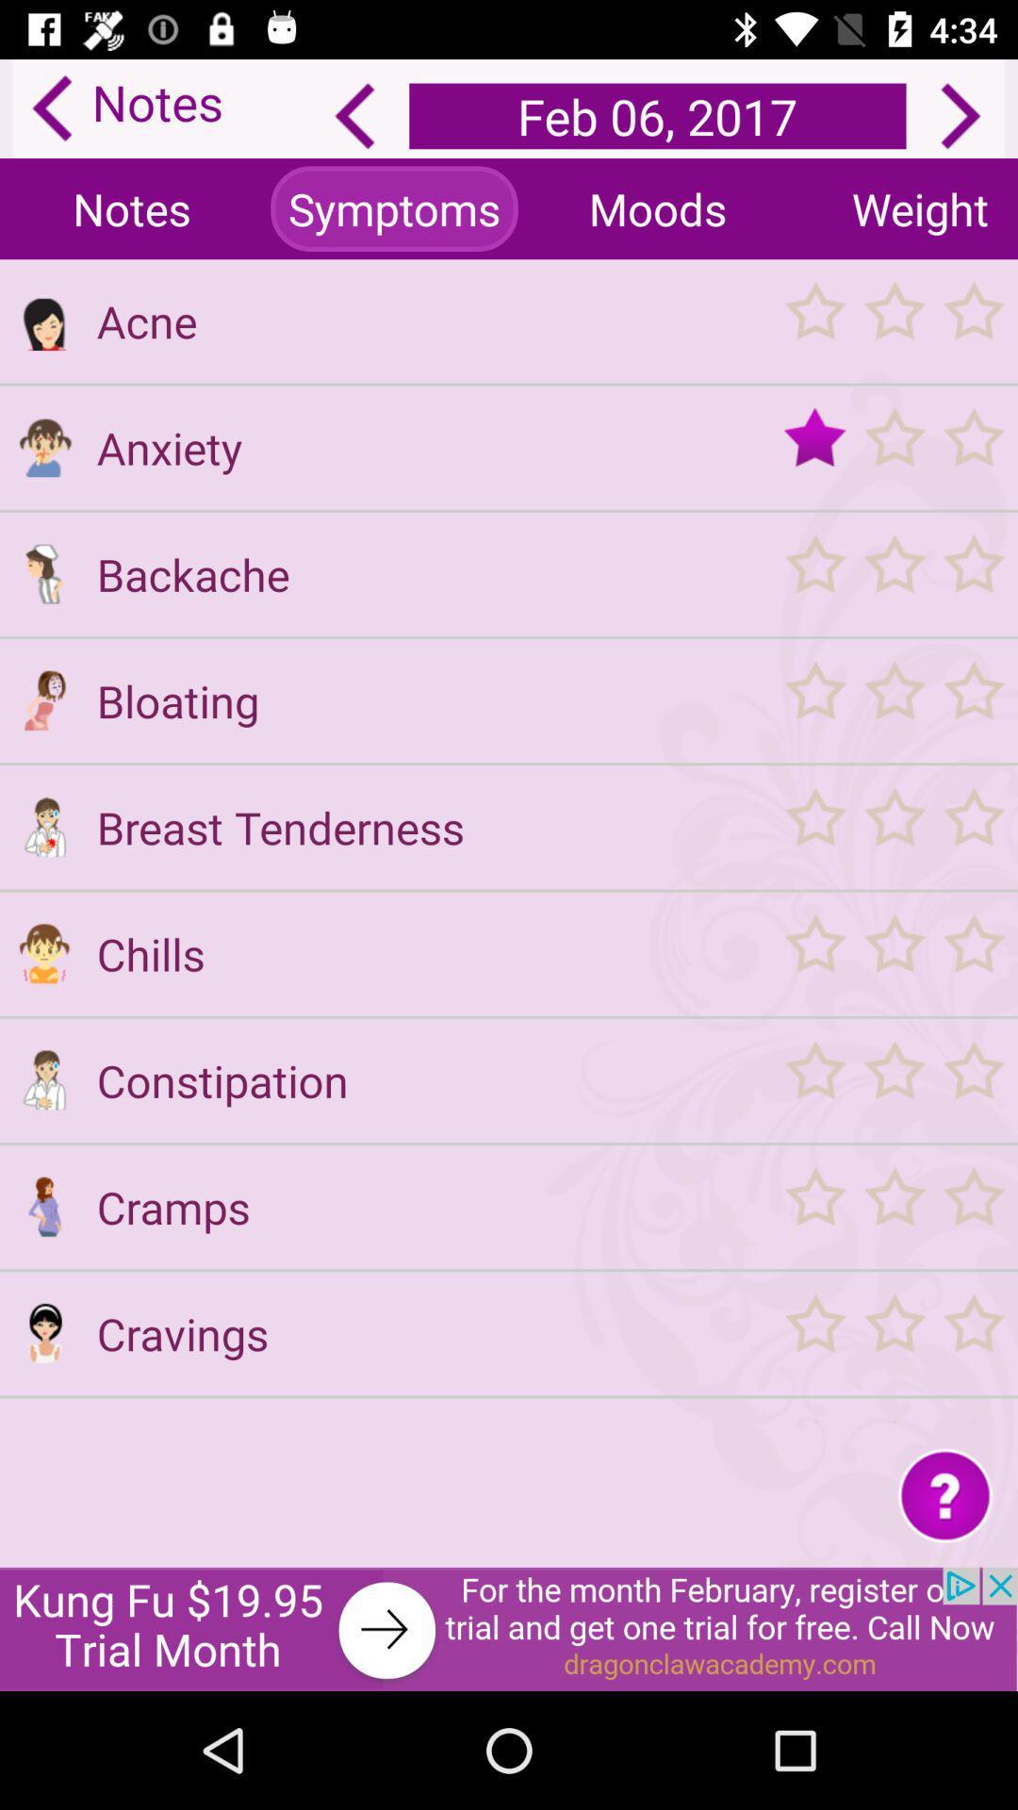 This screenshot has width=1018, height=1810. I want to click on the help icon, so click(945, 1493).